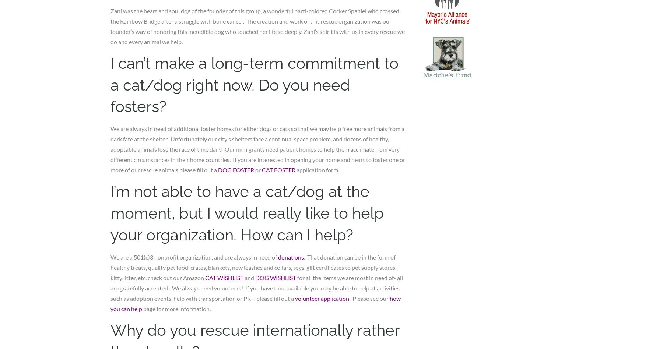 The height and width of the screenshot is (349, 663). Describe the element at coordinates (257, 149) in the screenshot. I see `'We are always in need of additional foster homes for either dogs or cats so that we may help free more animals from a dark fate at the shelter.  Unfortunately our city’s shelters face a continual space problem, and dozens of healthy, adoptable animals lose the race of time daily.  Our immigrants need patient homes to help them acclimate from very different circumstances in their home countries.  If you are interested in opening your home and heart to foster one or more of our rescue animals please fill out a'` at that location.